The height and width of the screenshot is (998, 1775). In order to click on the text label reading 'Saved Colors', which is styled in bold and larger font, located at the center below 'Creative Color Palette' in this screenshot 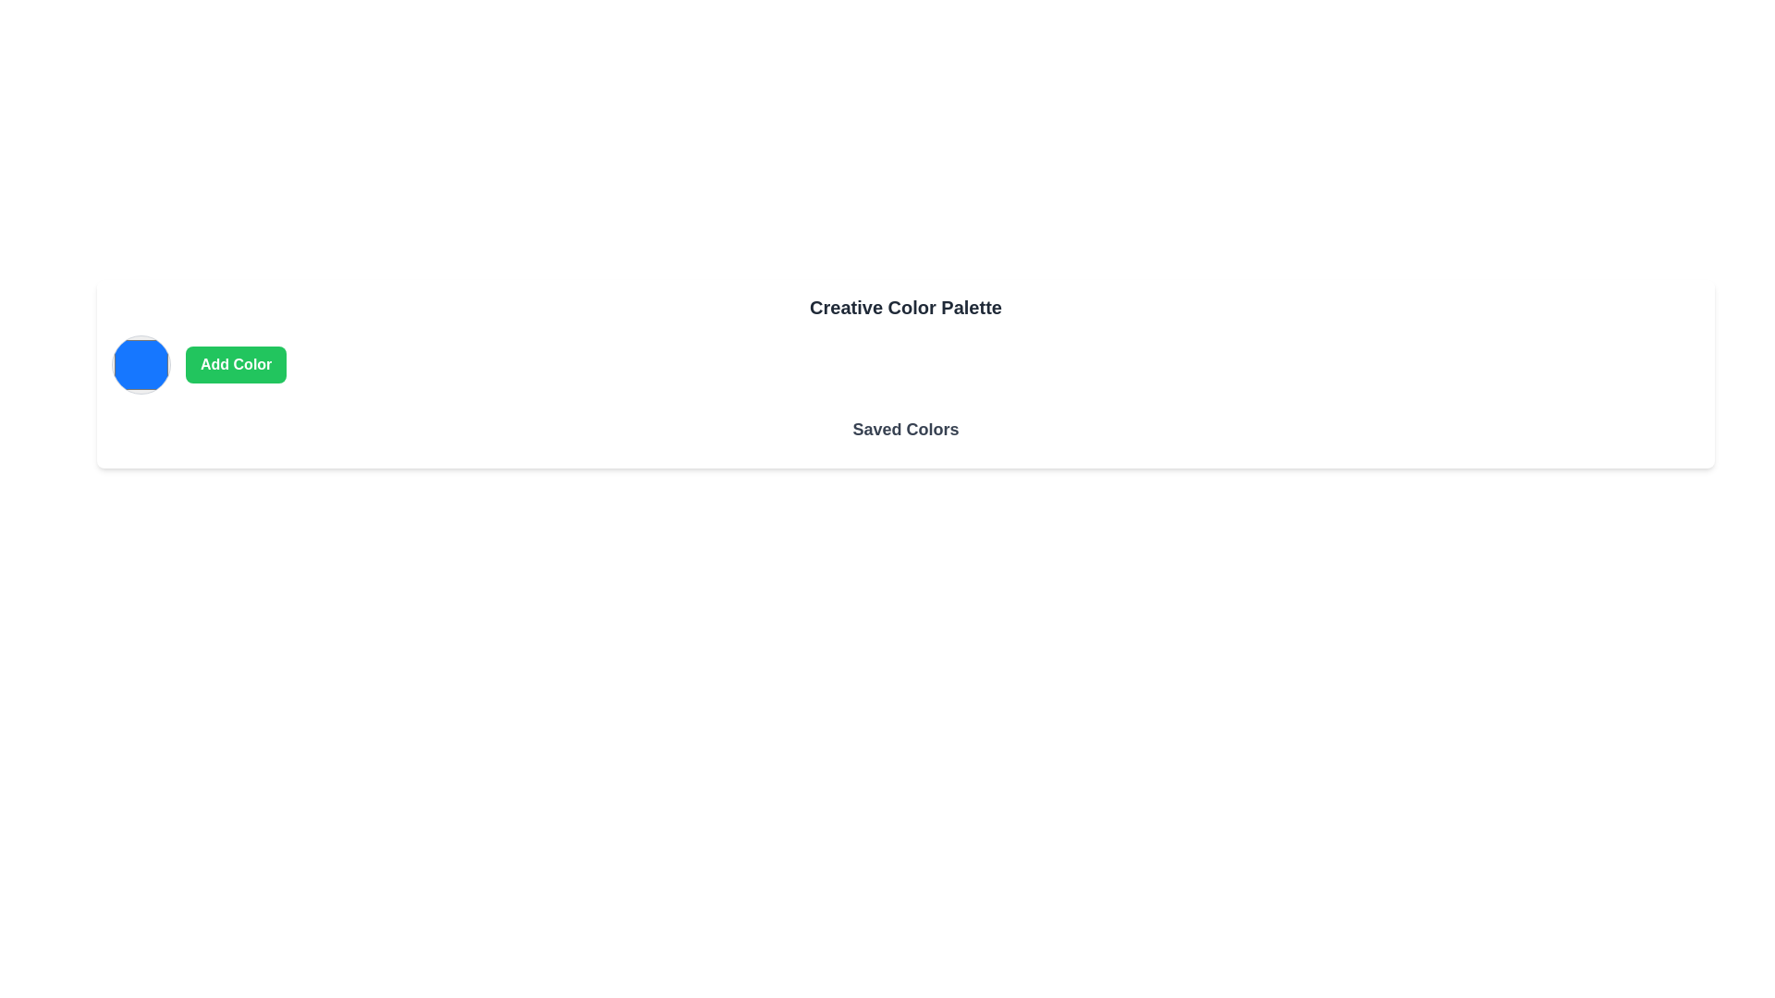, I will do `click(905, 430)`.